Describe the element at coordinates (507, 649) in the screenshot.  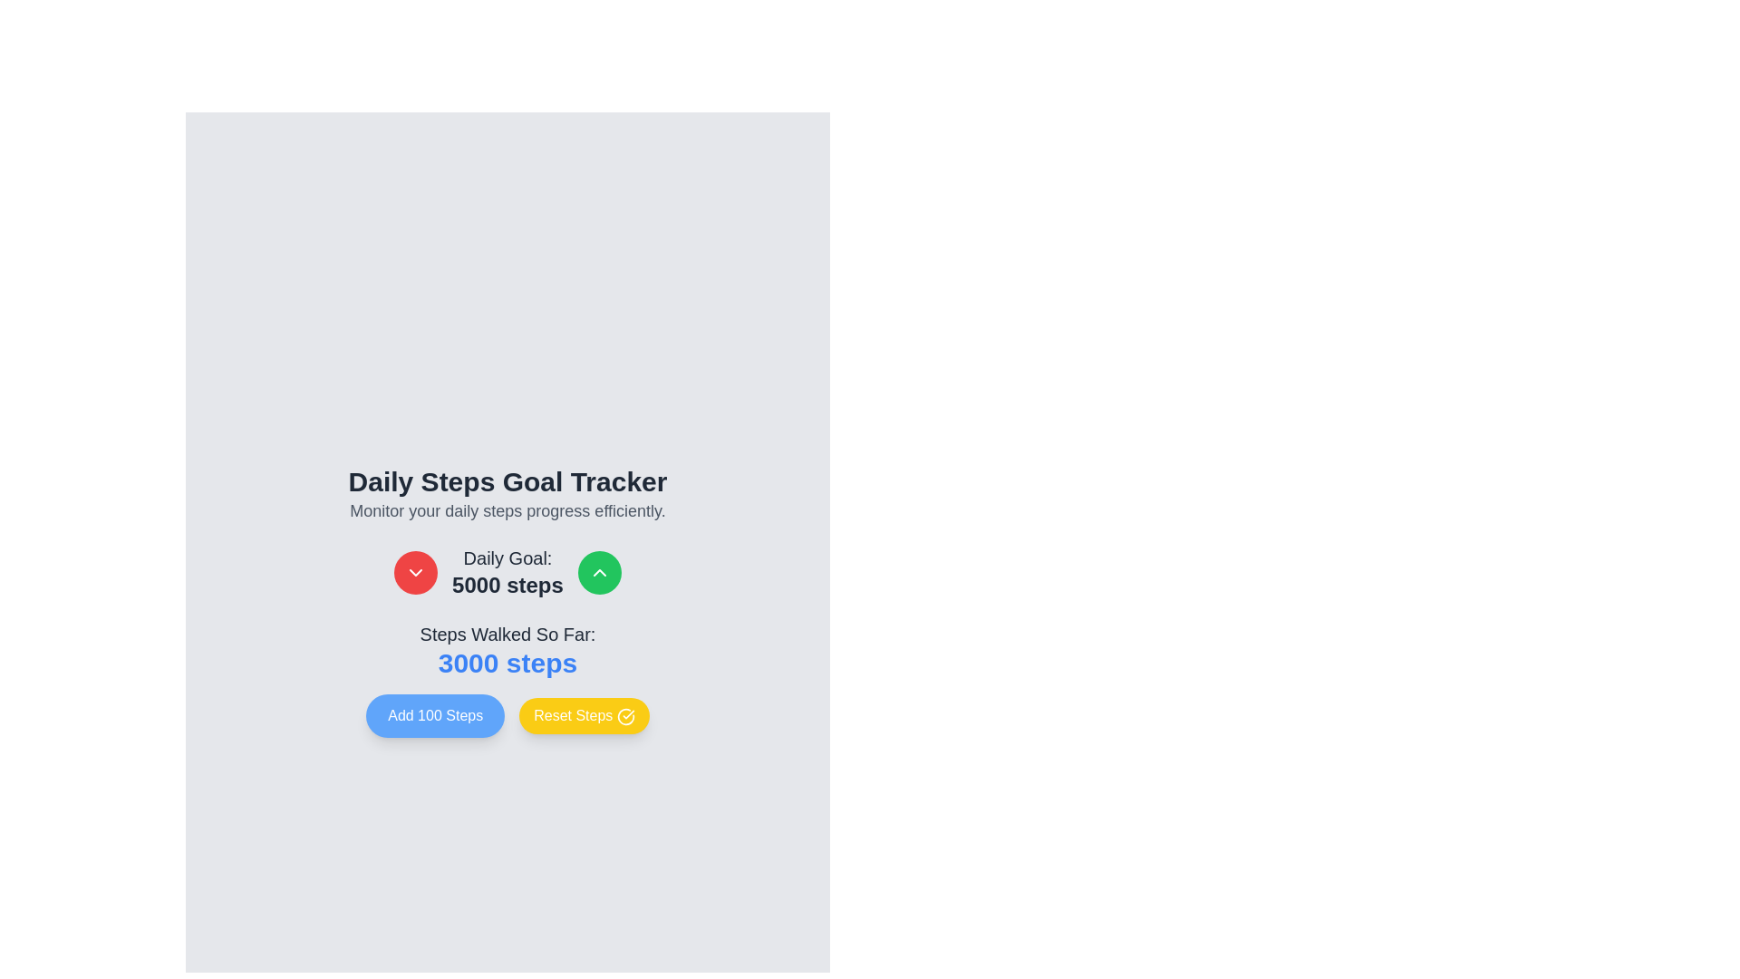
I see `the read-only Text display that shows the user's current count of steps walked, located centrally under the 'Daily Goal: 5000 steps' display, above the 'Add 100 Steps' and 'Reset Steps' buttons` at that location.